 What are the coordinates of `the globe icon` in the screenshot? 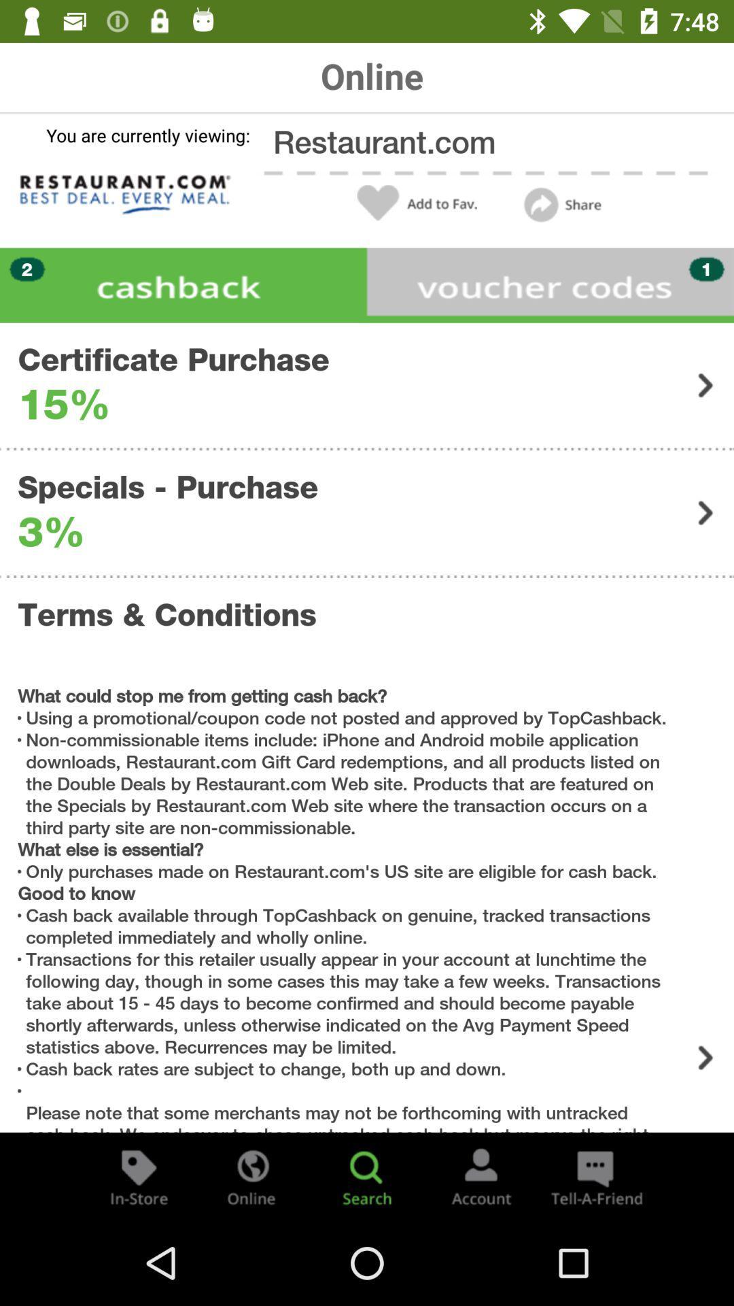 It's located at (252, 1175).